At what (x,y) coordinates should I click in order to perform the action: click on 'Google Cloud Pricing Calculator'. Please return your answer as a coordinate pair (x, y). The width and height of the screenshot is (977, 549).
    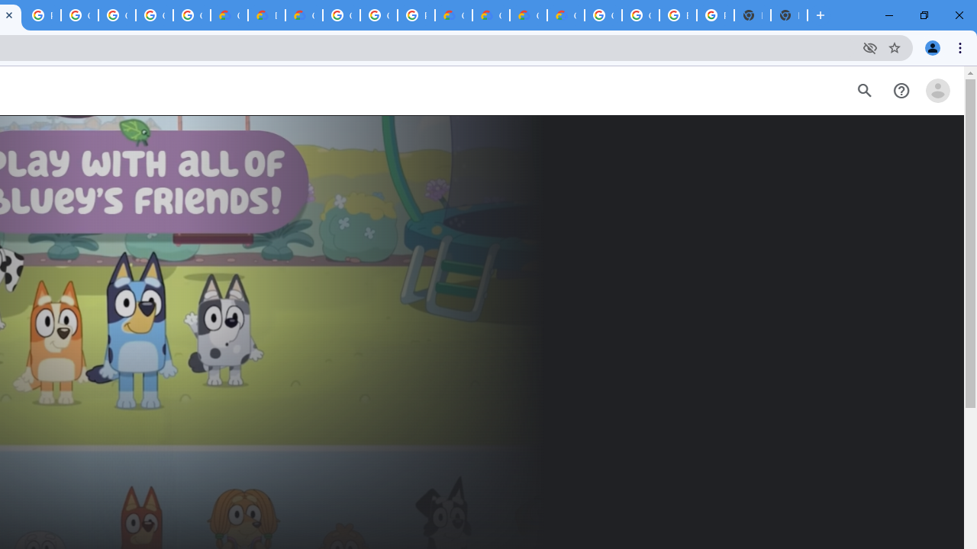
    Looking at the image, I should click on (528, 15).